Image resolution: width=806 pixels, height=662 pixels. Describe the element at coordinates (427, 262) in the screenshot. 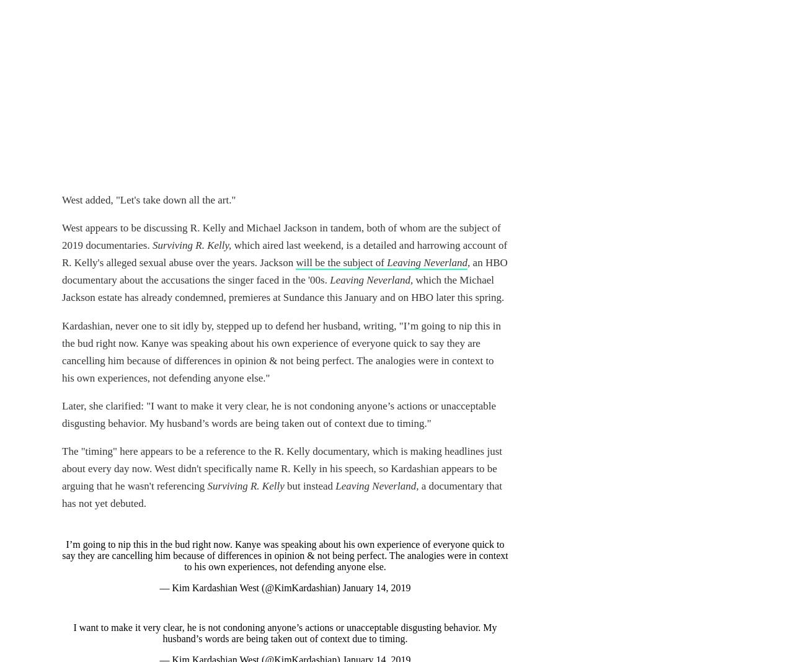

I see `'Leaving Neverland'` at that location.